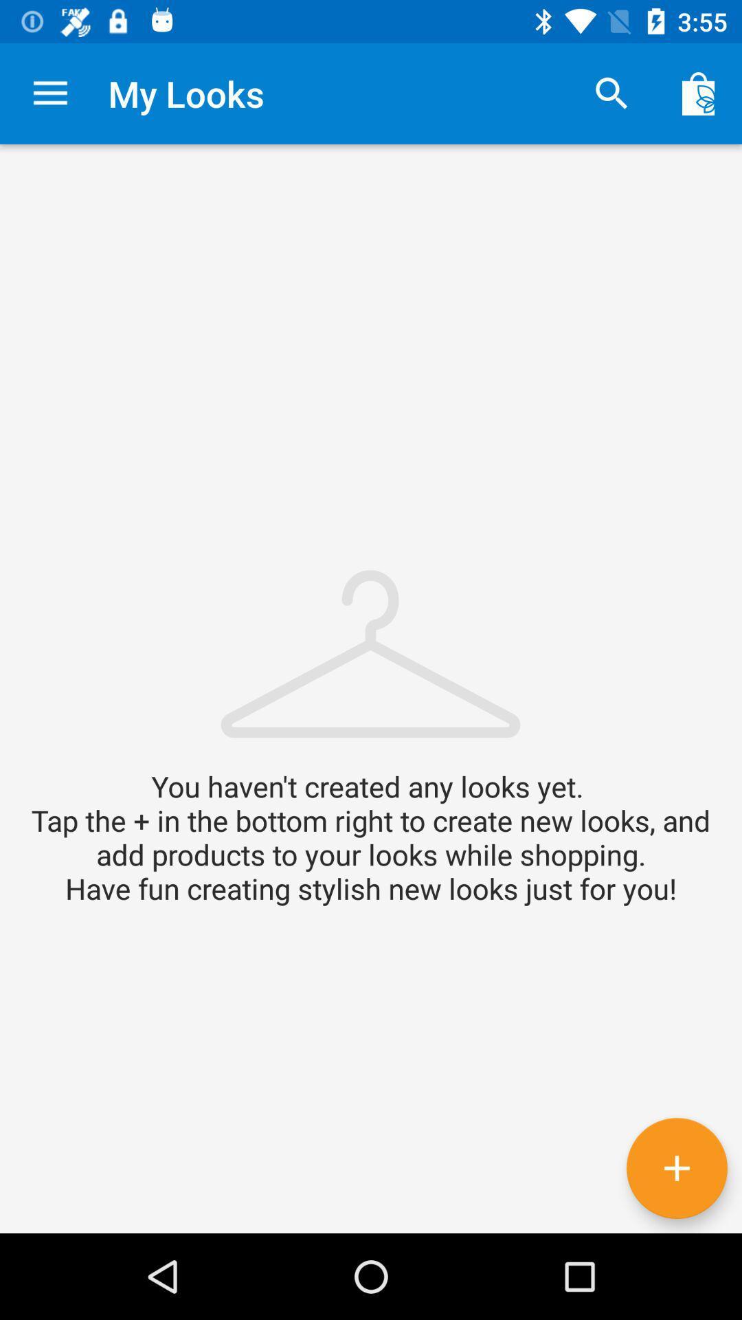 The image size is (742, 1320). What do you see at coordinates (676, 1167) in the screenshot?
I see `the icon at the bottom right corner` at bounding box center [676, 1167].